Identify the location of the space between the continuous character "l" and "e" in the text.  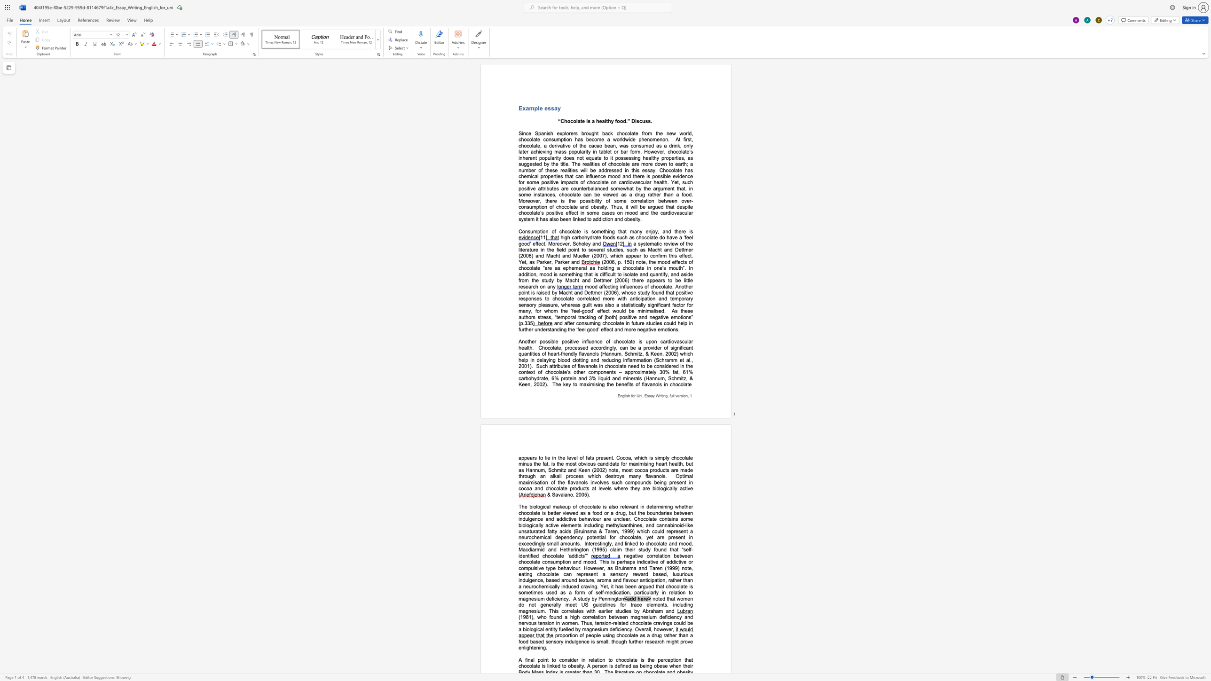
(540, 108).